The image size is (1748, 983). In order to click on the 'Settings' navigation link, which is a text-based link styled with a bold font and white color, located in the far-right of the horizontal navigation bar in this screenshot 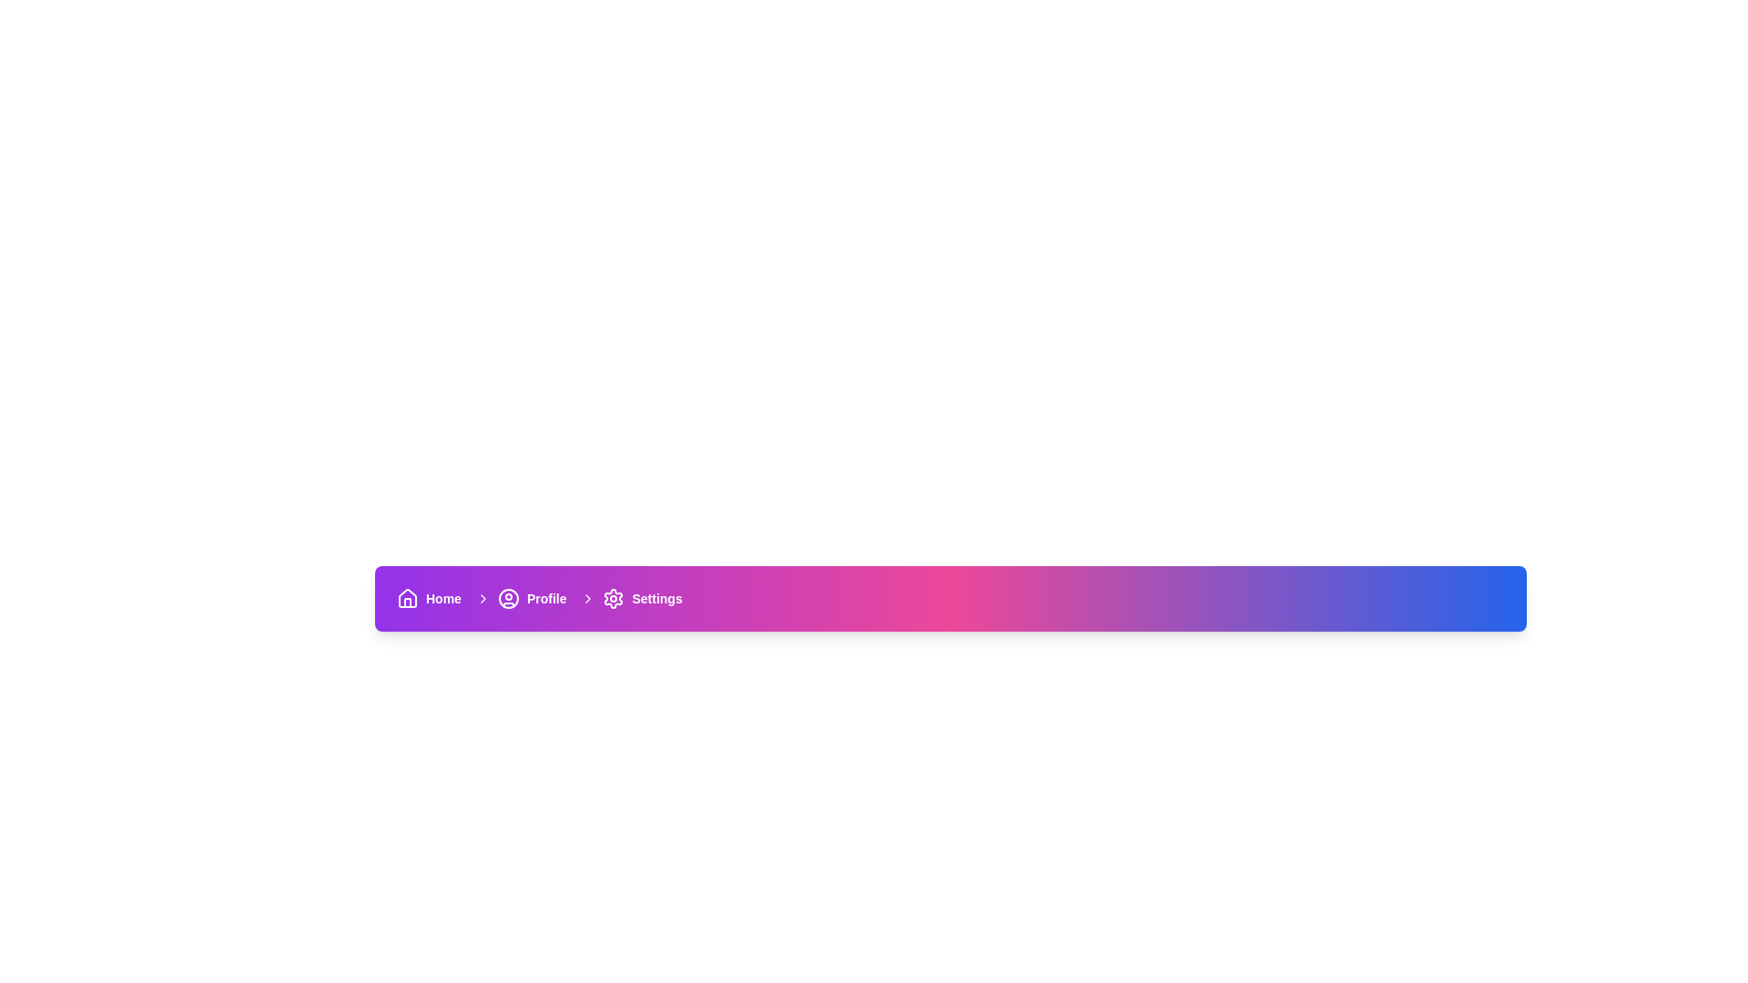, I will do `click(643, 599)`.